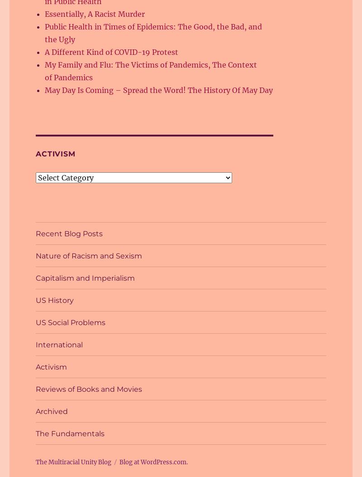 The image size is (362, 477). I want to click on 'The Multiracial Unity Blog', so click(73, 462).